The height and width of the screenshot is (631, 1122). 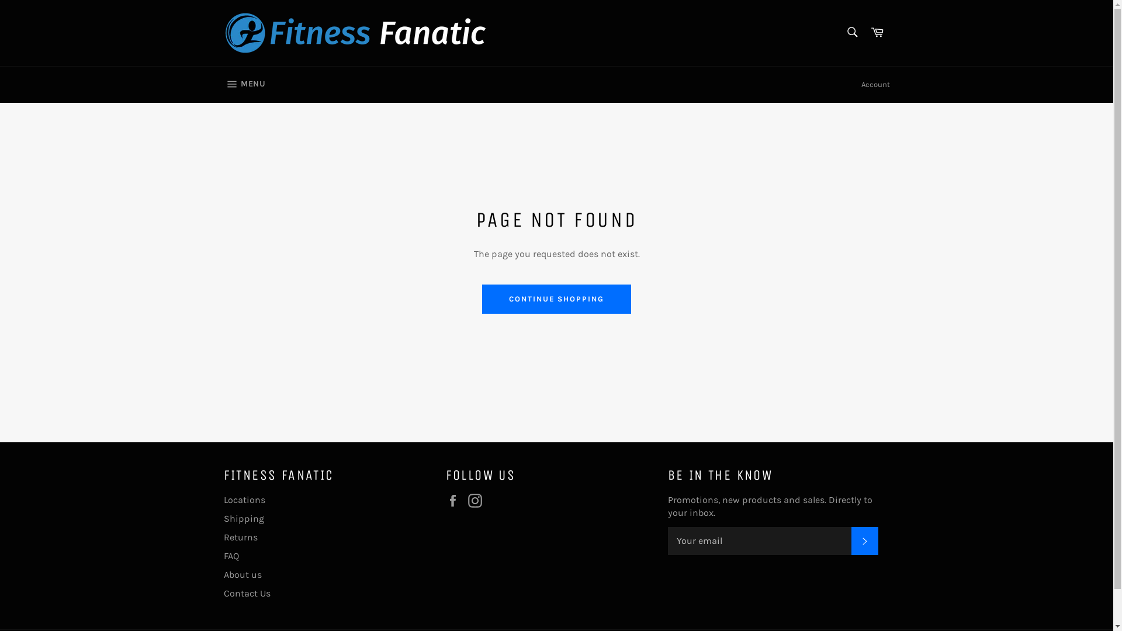 What do you see at coordinates (838, 31) in the screenshot?
I see `'Search'` at bounding box center [838, 31].